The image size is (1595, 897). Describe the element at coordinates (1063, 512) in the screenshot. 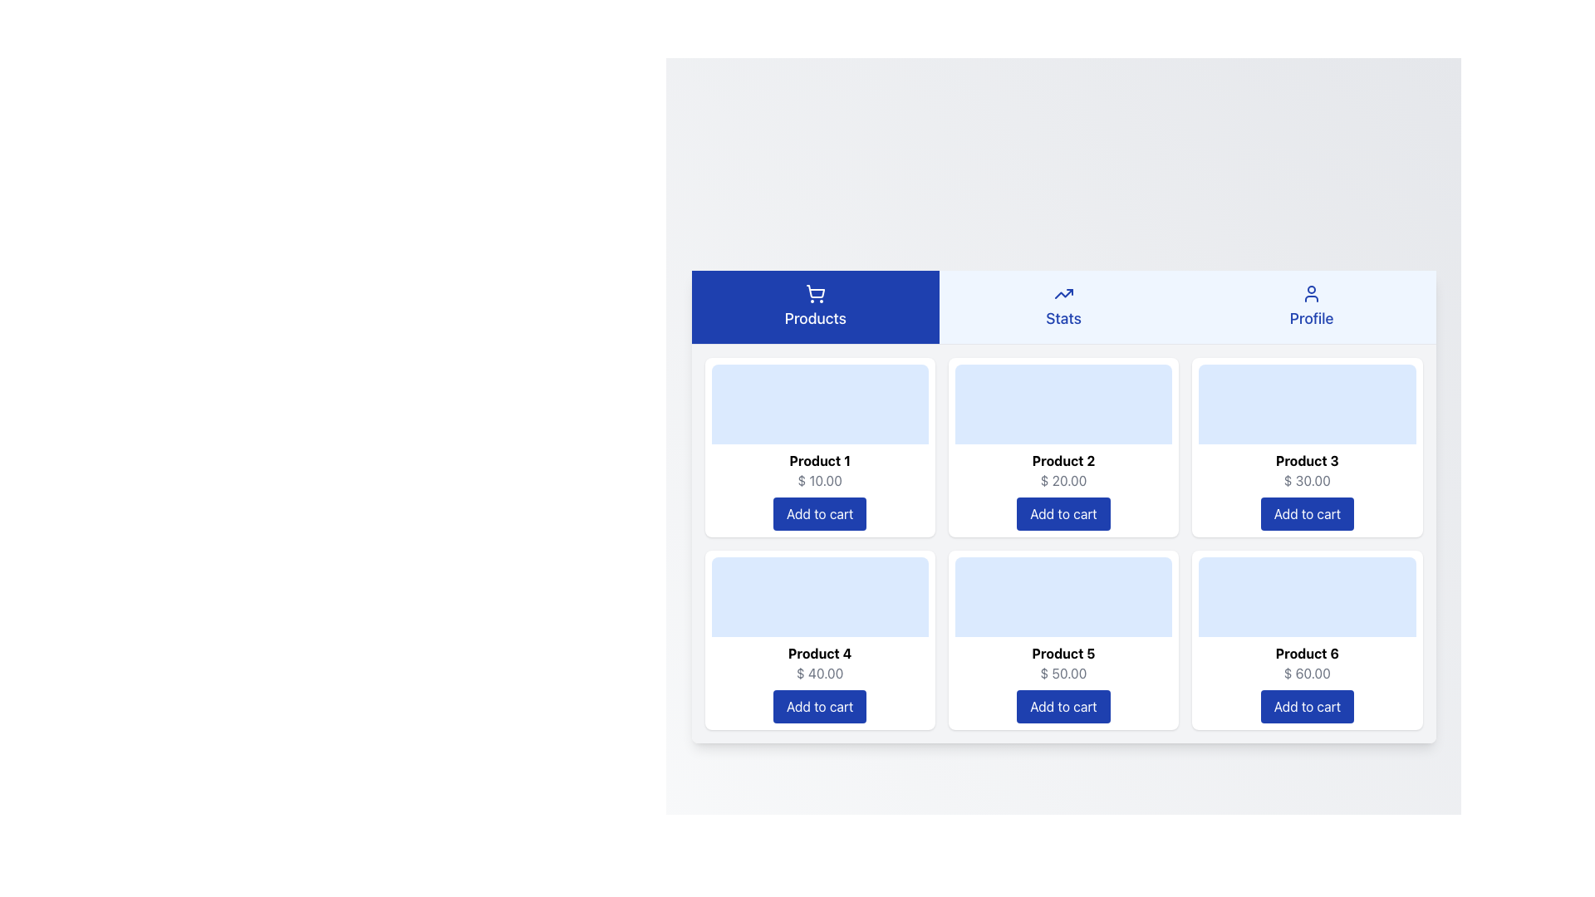

I see `the prominent dark blue button with white text reading 'Add to cart' located within the 'Product 2' card to observe any interactive styling effect` at that location.